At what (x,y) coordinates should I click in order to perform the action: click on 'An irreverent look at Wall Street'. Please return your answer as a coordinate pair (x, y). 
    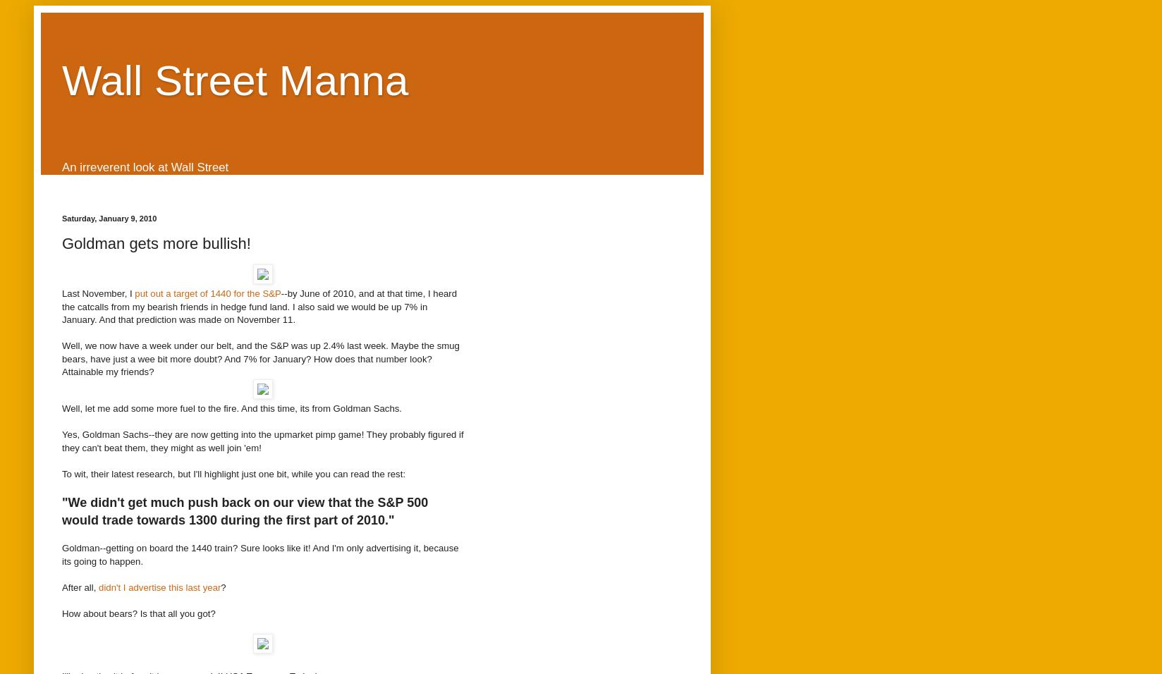
    Looking at the image, I should click on (62, 167).